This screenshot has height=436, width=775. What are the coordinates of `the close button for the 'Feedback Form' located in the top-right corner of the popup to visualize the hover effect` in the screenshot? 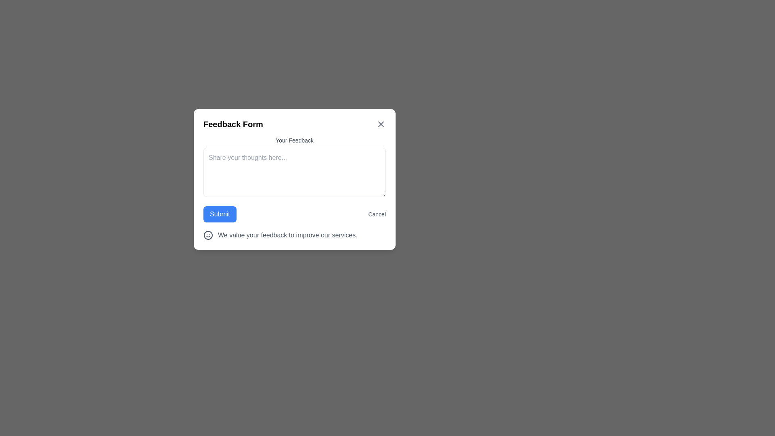 It's located at (381, 124).